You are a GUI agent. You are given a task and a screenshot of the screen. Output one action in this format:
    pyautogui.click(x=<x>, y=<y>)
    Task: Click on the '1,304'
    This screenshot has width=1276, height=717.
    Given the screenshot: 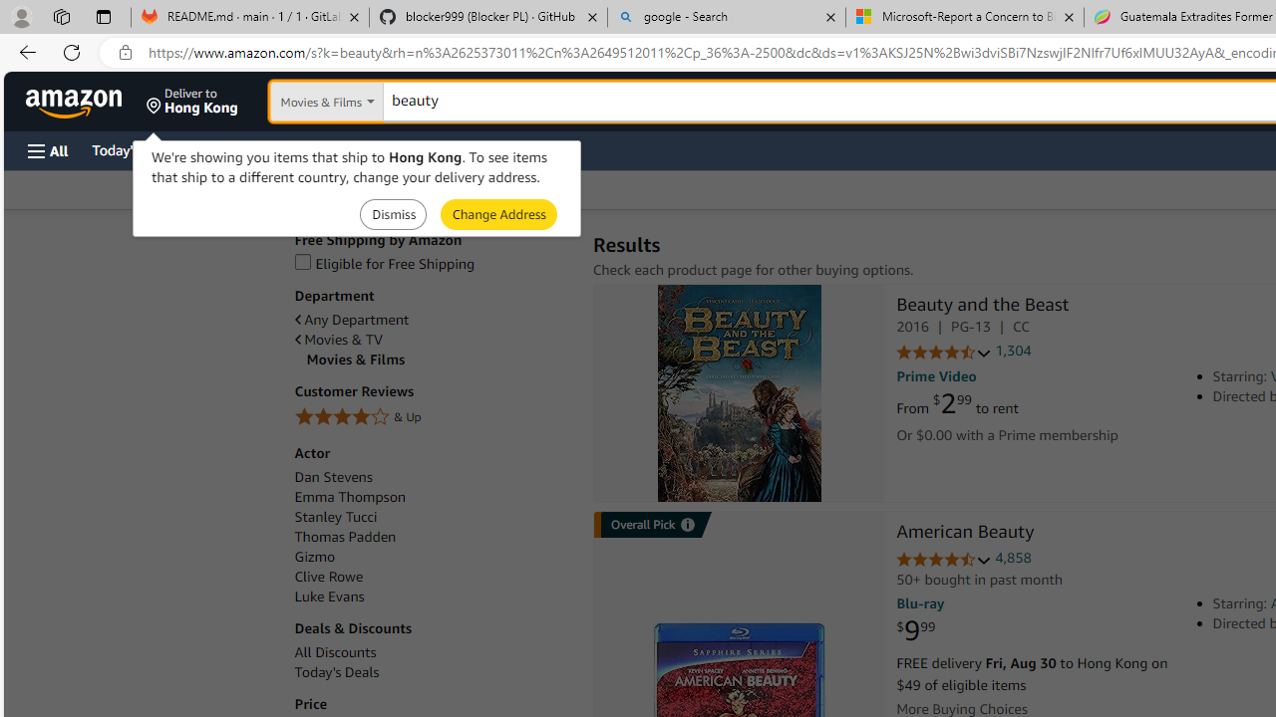 What is the action you would take?
    pyautogui.click(x=1013, y=350)
    